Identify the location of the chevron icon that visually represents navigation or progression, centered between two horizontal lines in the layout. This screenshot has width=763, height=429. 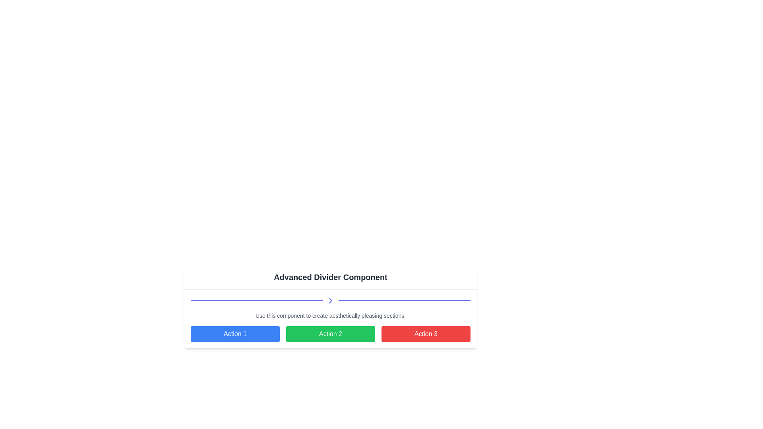
(330, 300).